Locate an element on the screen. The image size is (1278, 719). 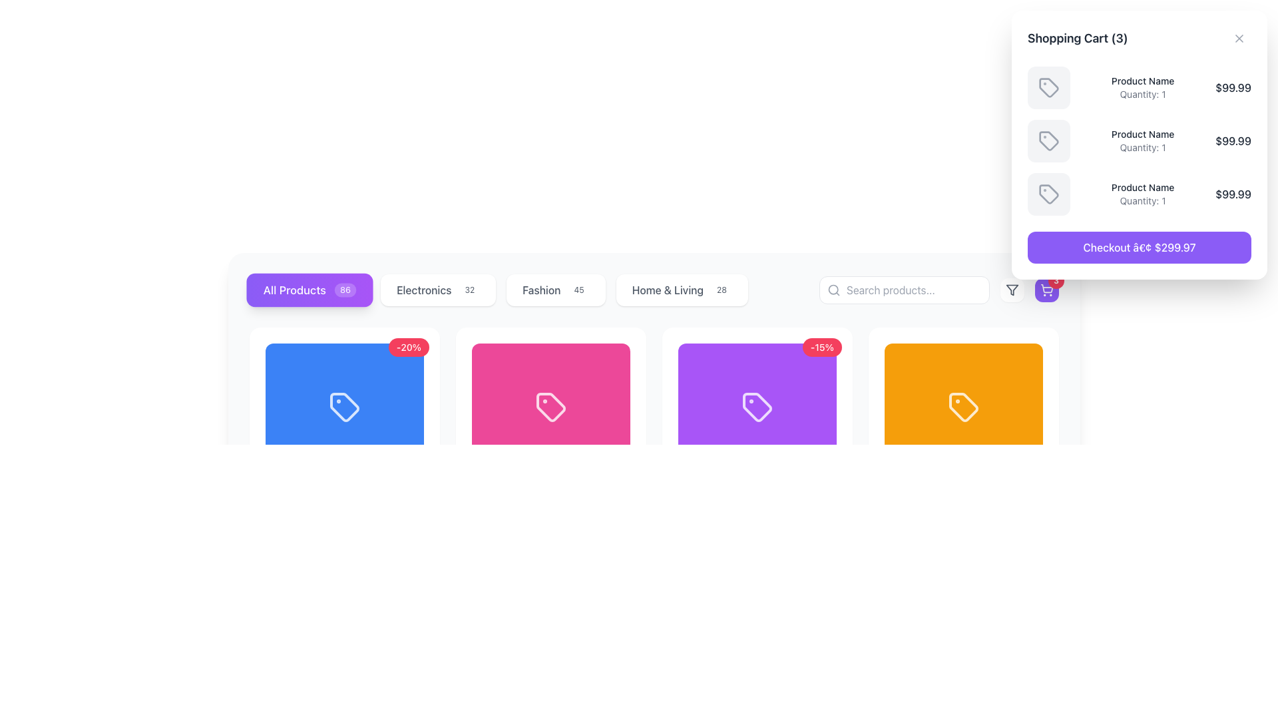
the Product card, which is a rectangular card with rounded corners and a bold orange fill at the top, positioned as the fourth item in a horizontal grid is located at coordinates (964, 449).